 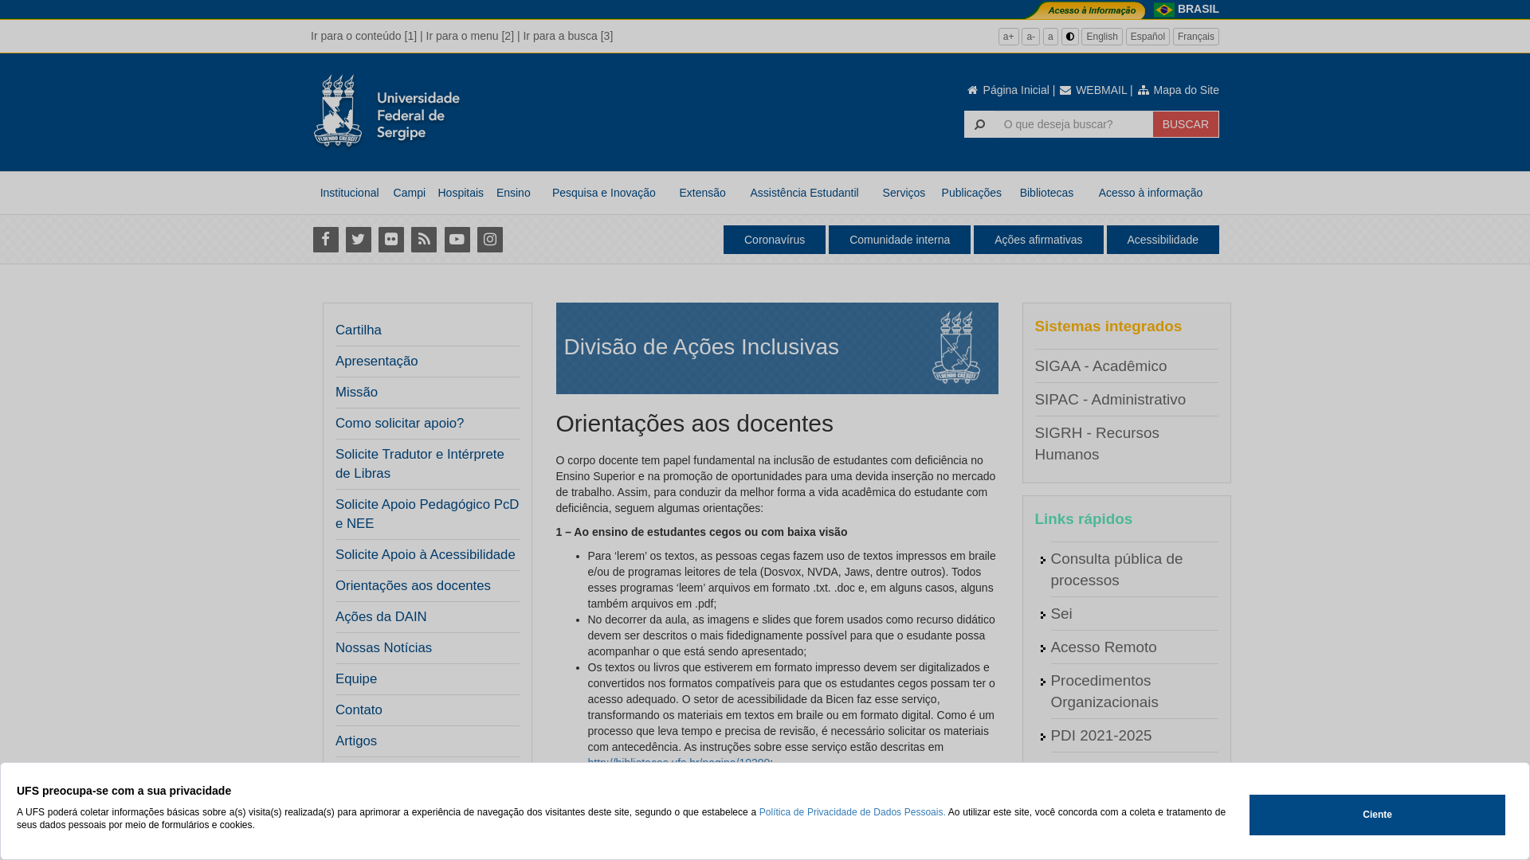 What do you see at coordinates (390, 239) in the screenshot?
I see `'Flickr'` at bounding box center [390, 239].